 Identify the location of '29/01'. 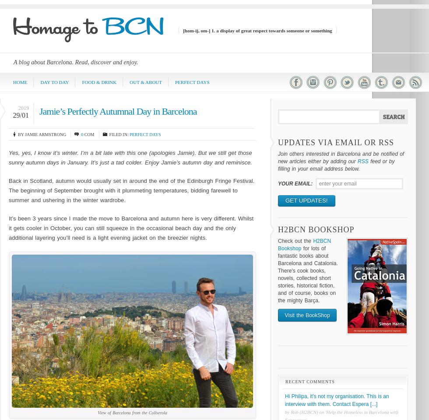
(21, 115).